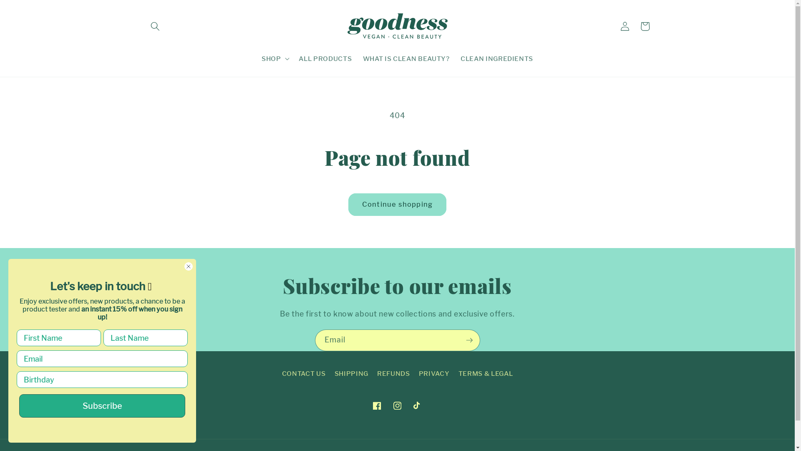 The width and height of the screenshot is (801, 451). Describe the element at coordinates (348, 204) in the screenshot. I see `'Continue shopping'` at that location.